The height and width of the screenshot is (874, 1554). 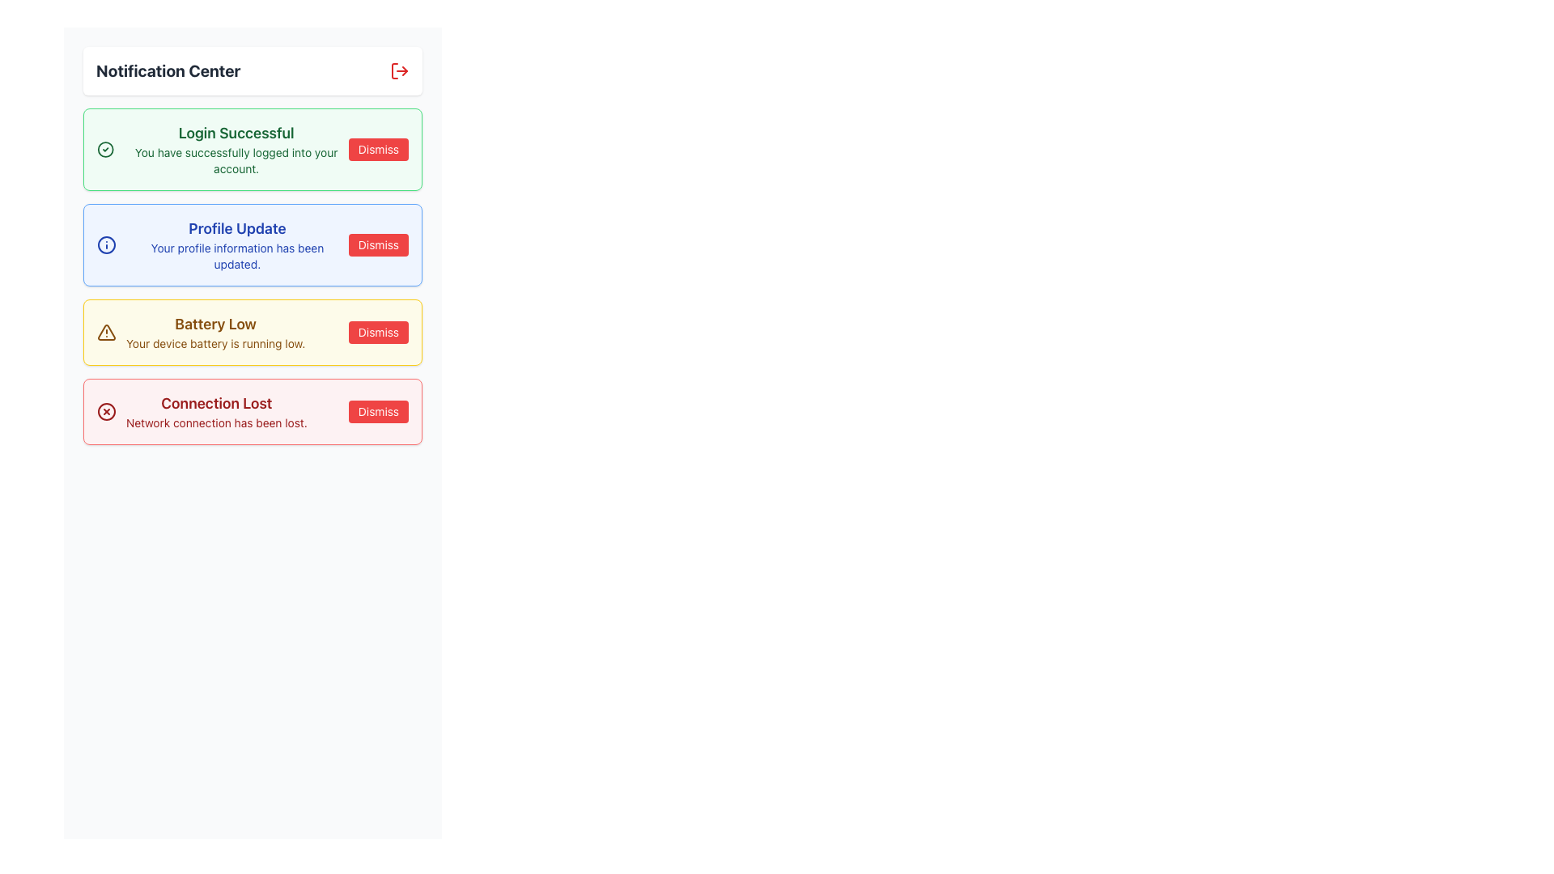 What do you see at coordinates (104, 150) in the screenshot?
I see `the success icon located in the topmost notification box, adjacent to the 'Login Successful' title text` at bounding box center [104, 150].